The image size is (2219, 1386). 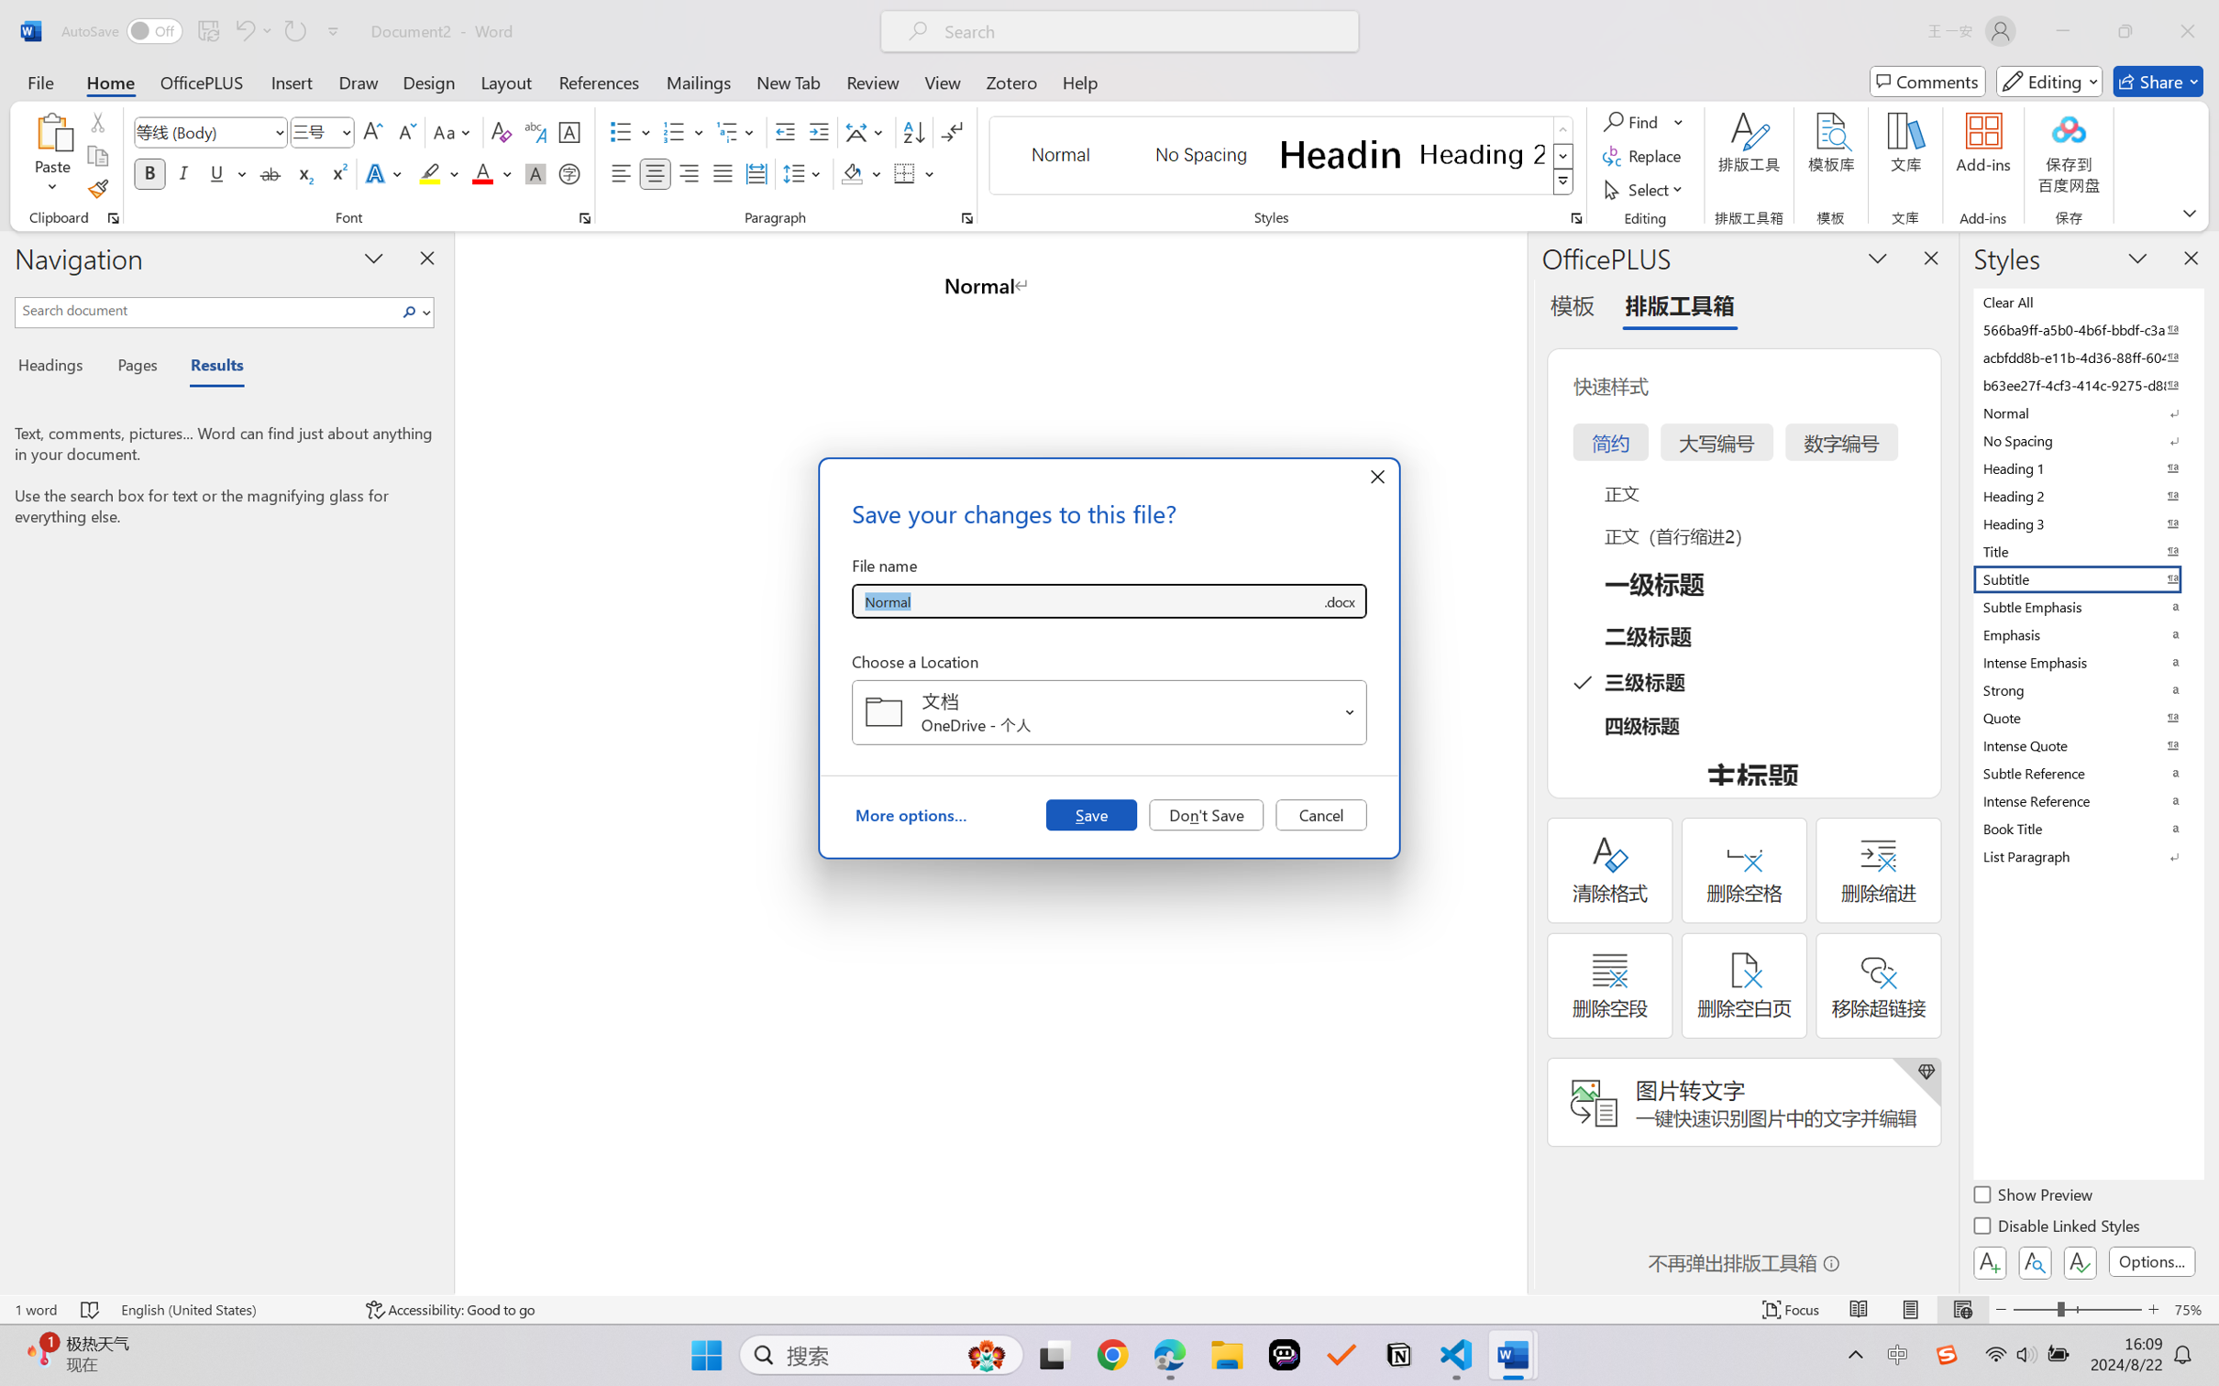 I want to click on 'AutomationID: BadgeAnchorLargeTicker', so click(x=39, y=1353).